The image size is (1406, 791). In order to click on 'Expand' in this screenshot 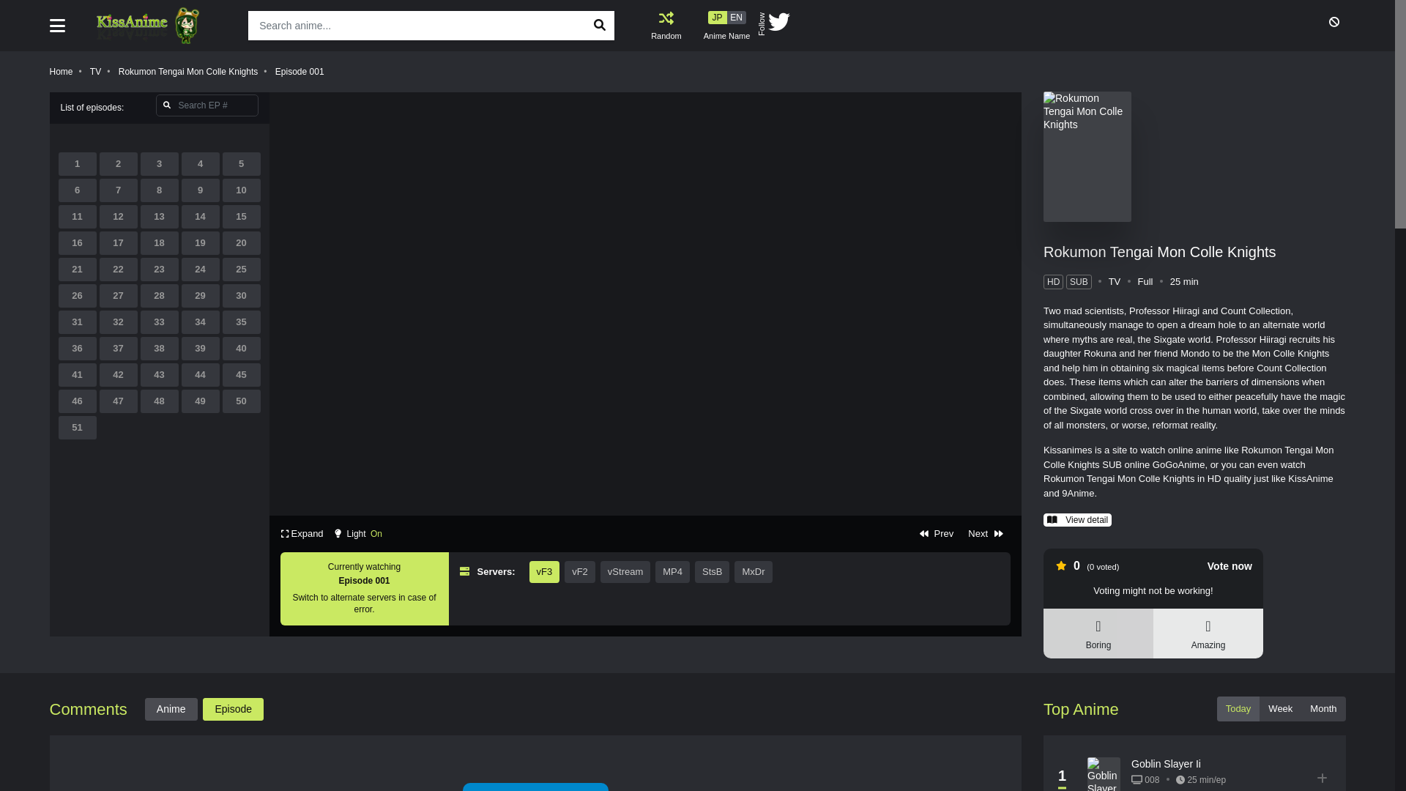, I will do `click(301, 534)`.